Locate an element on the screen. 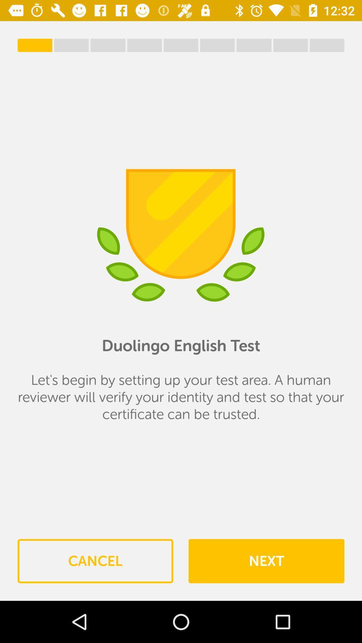 This screenshot has height=643, width=362. the item to the left of the next item is located at coordinates (95, 561).